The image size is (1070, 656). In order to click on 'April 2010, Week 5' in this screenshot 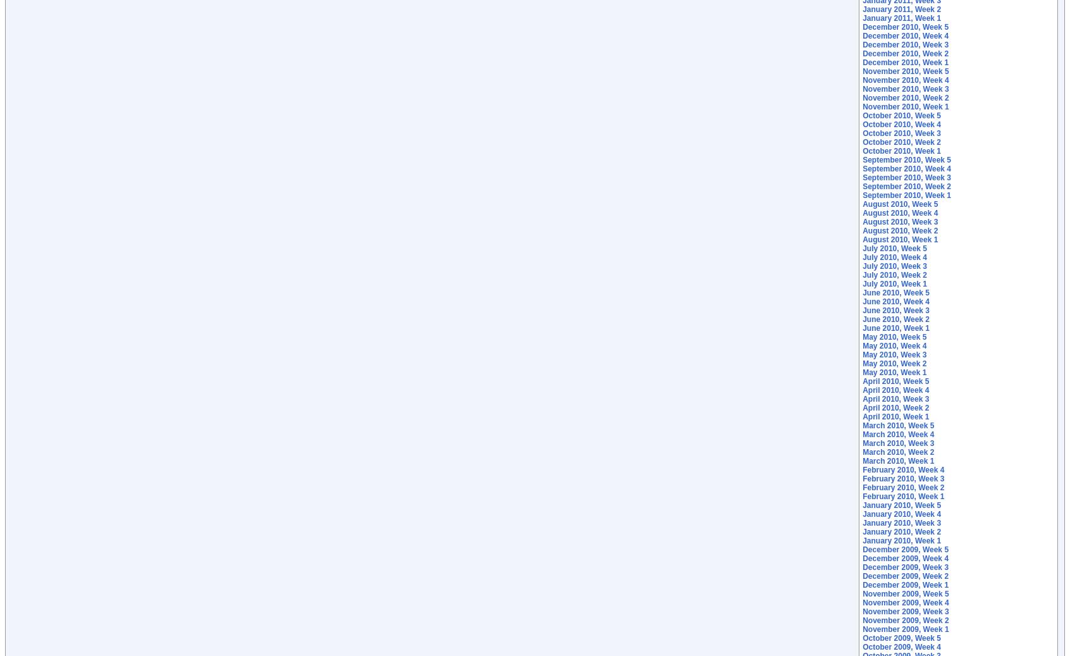, I will do `click(862, 381)`.